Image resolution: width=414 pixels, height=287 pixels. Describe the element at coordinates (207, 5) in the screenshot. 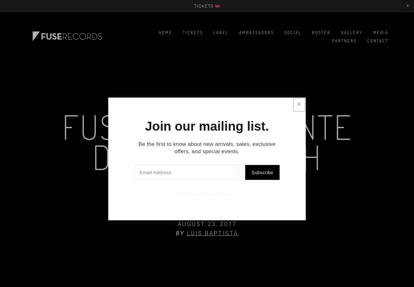

I see `'TICKETS 🎫'` at that location.